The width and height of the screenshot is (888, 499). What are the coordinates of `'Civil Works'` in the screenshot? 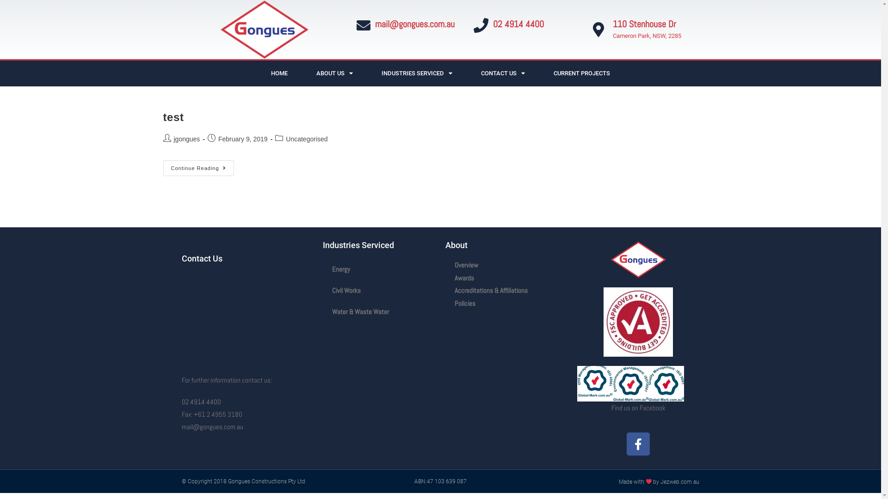 It's located at (379, 290).